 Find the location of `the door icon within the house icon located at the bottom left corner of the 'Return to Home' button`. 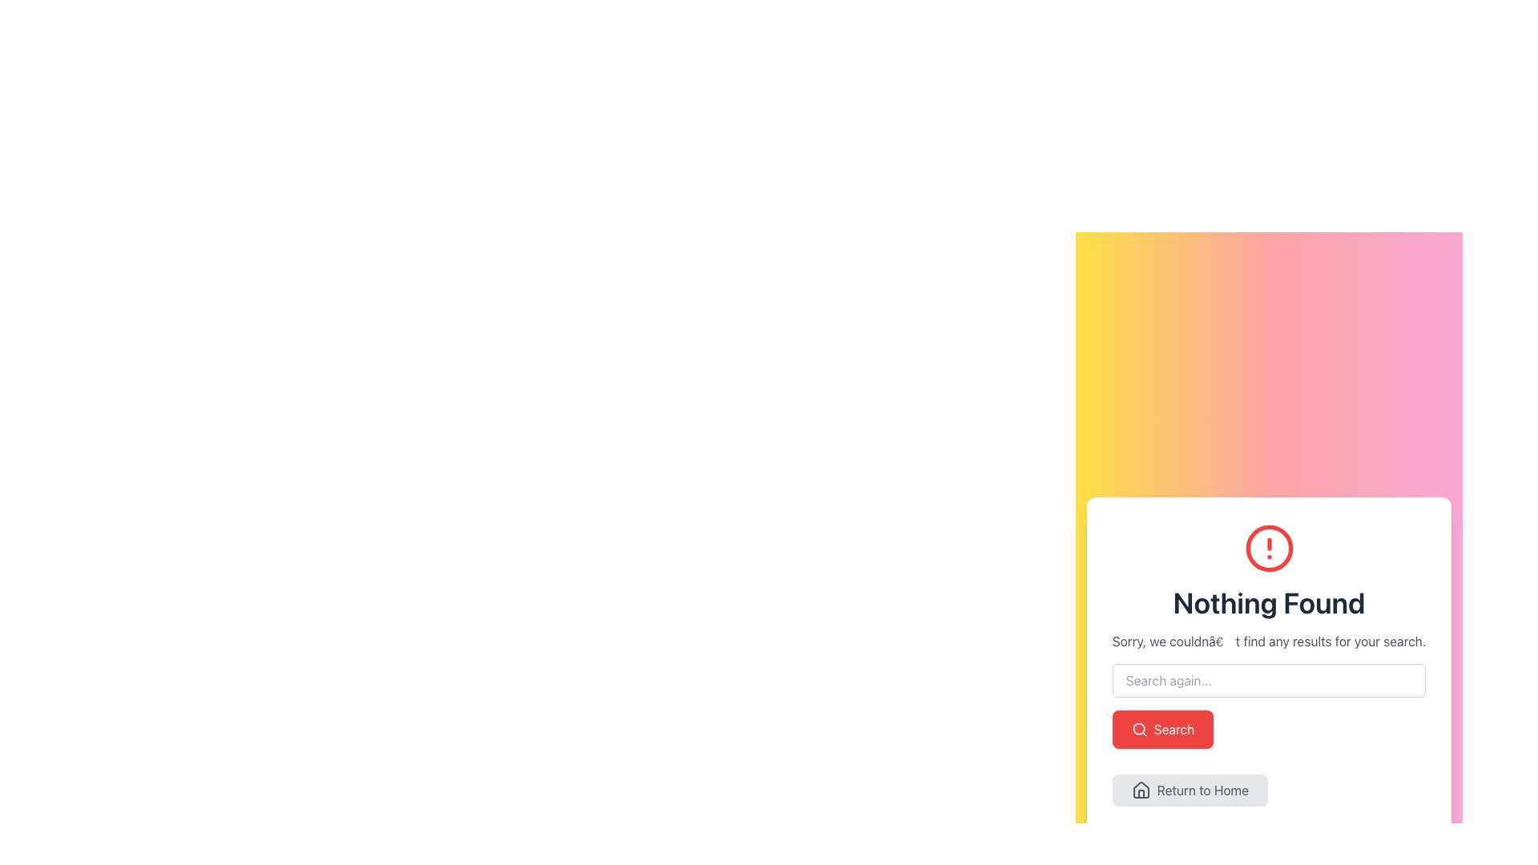

the door icon within the house icon located at the bottom left corner of the 'Return to Home' button is located at coordinates (1140, 794).